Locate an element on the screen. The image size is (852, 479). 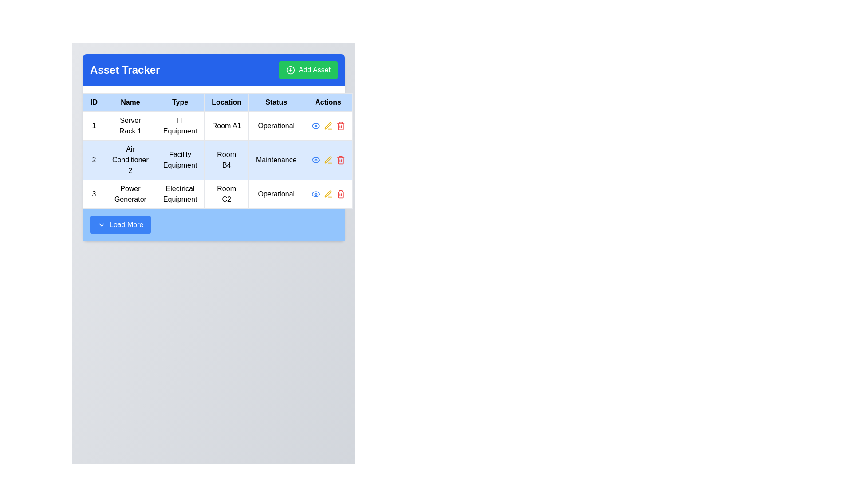
the eye icon button in the 'Actions' column of the second row is located at coordinates (316, 160).